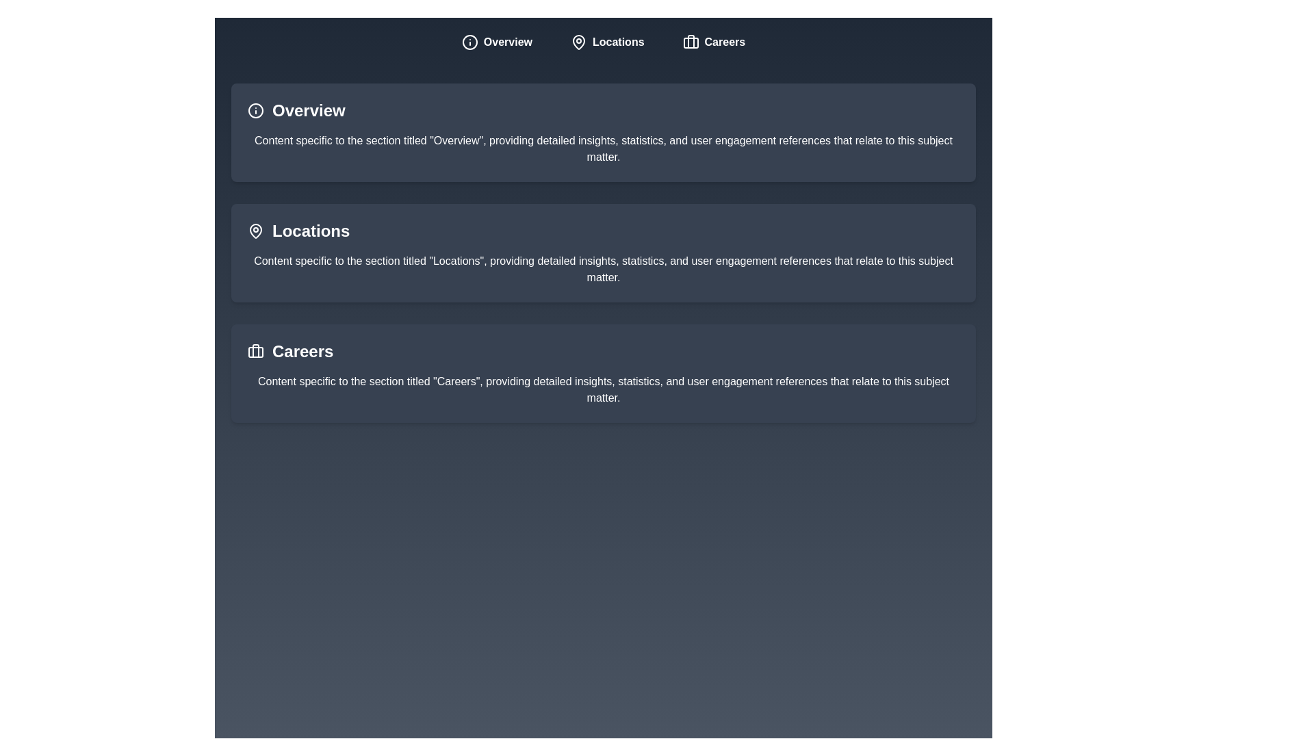 The width and height of the screenshot is (1314, 739). Describe the element at coordinates (256, 110) in the screenshot. I see `the informational/help icon` at that location.